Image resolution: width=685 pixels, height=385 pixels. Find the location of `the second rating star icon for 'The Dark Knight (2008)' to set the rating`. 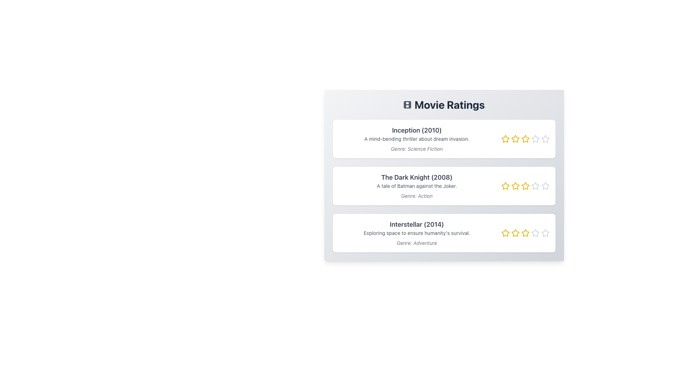

the second rating star icon for 'The Dark Knight (2008)' to set the rating is located at coordinates (515, 185).